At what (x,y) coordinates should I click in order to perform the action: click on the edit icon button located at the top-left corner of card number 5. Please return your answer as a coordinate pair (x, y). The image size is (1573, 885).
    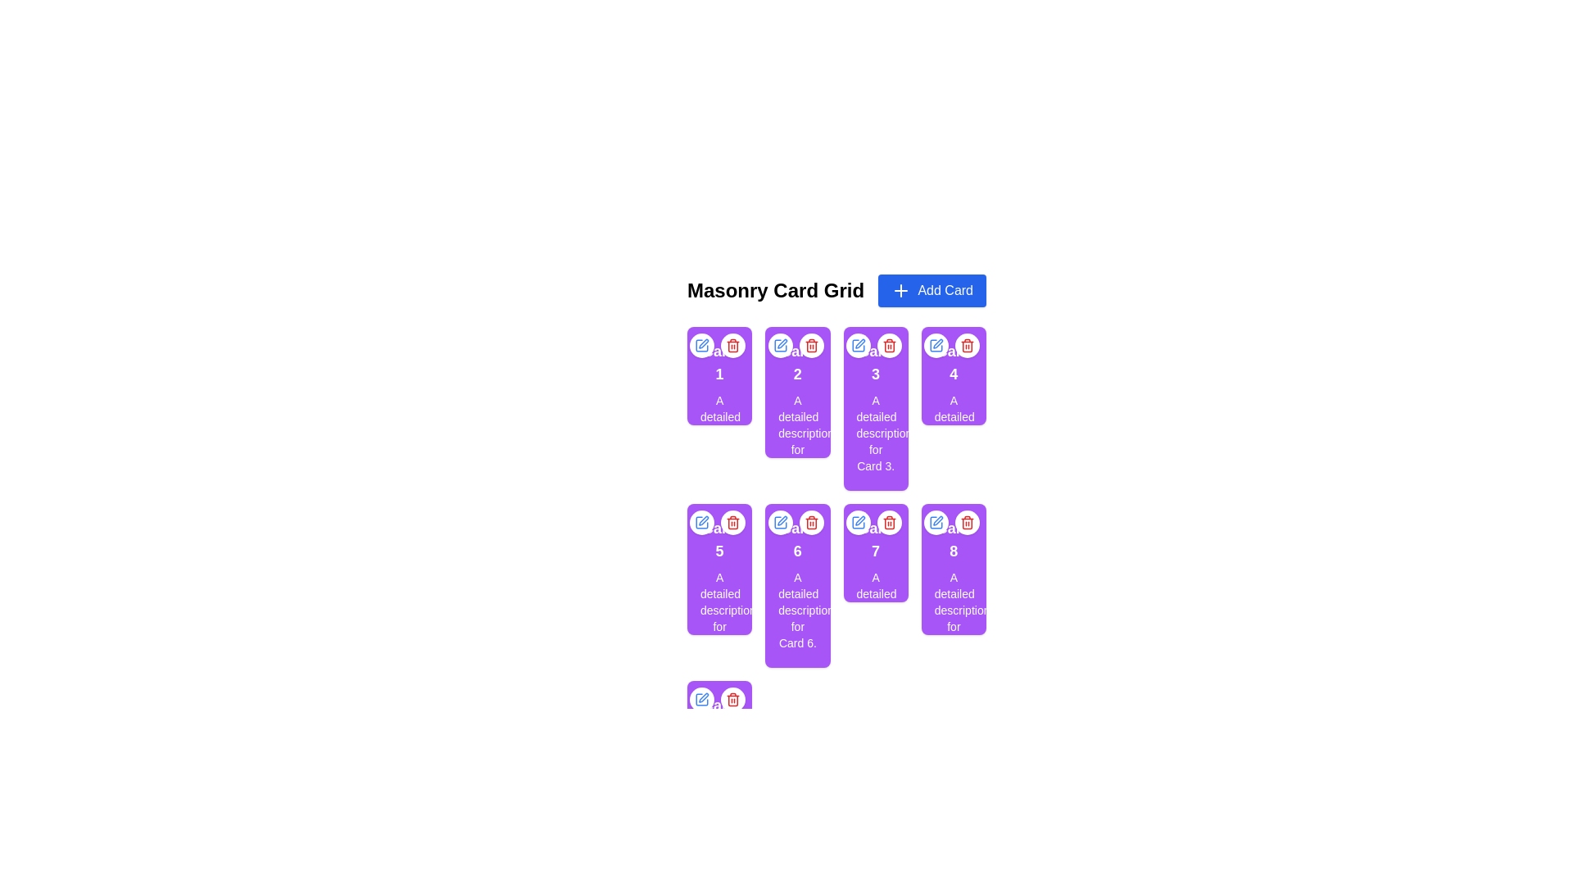
    Looking at the image, I should click on (702, 522).